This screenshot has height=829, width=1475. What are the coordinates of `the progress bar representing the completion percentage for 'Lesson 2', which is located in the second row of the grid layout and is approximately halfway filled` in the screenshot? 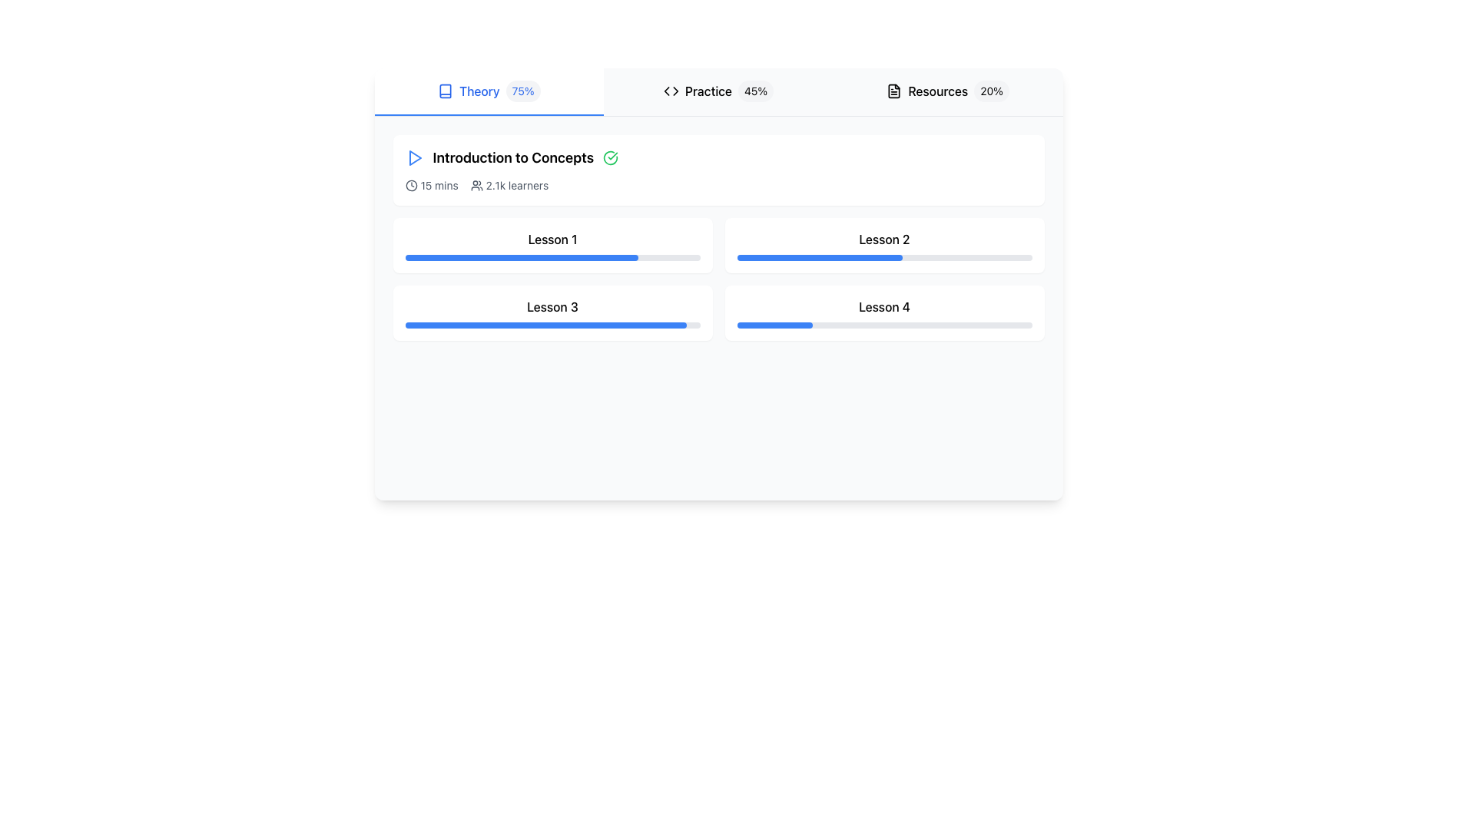 It's located at (819, 256).